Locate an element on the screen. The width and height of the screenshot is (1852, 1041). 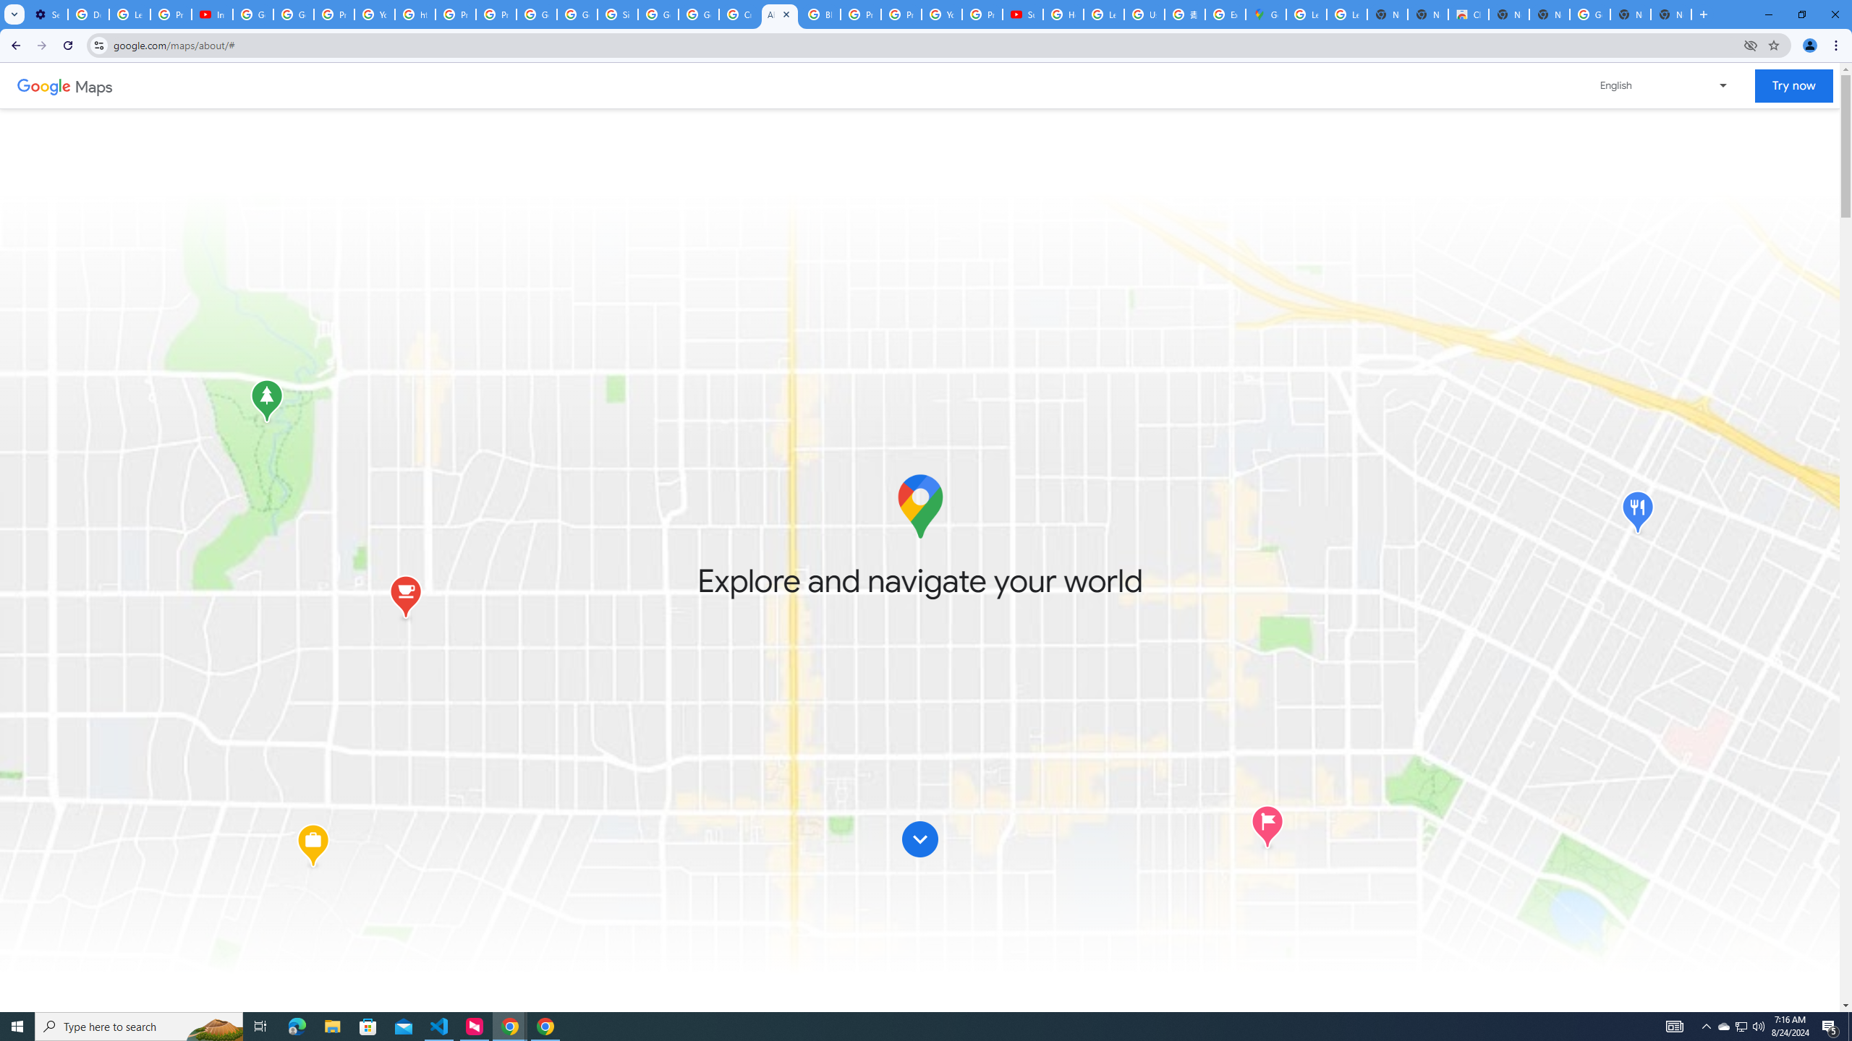
'Change language or region' is located at coordinates (1664, 85).